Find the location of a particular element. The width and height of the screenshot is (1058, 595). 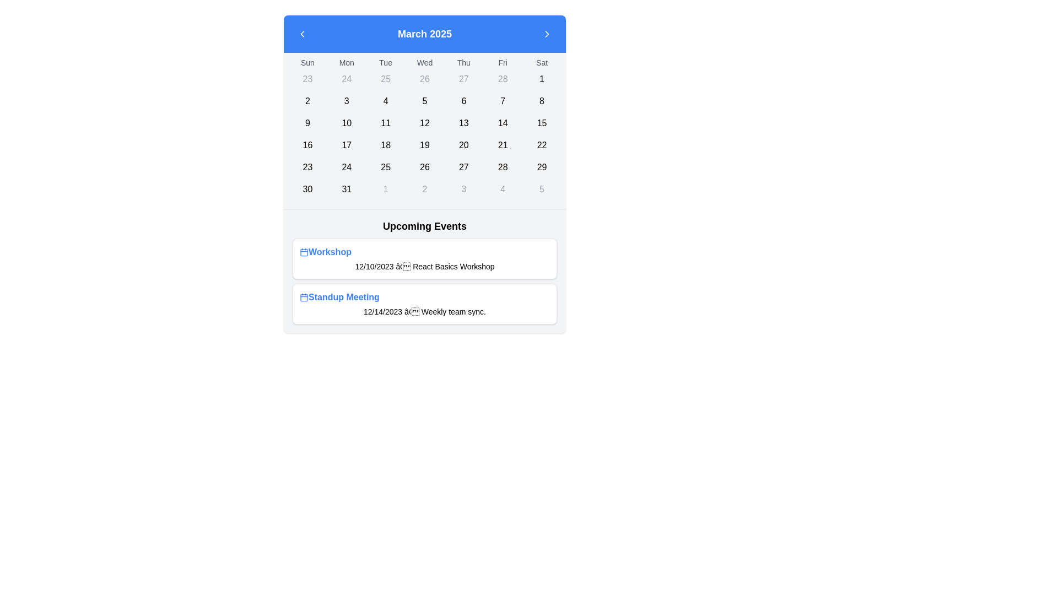

the rectangular button with rounded borders displaying the number '15' in black text, located in the calendar grid under the header 'Sat' is located at coordinates (542, 123).